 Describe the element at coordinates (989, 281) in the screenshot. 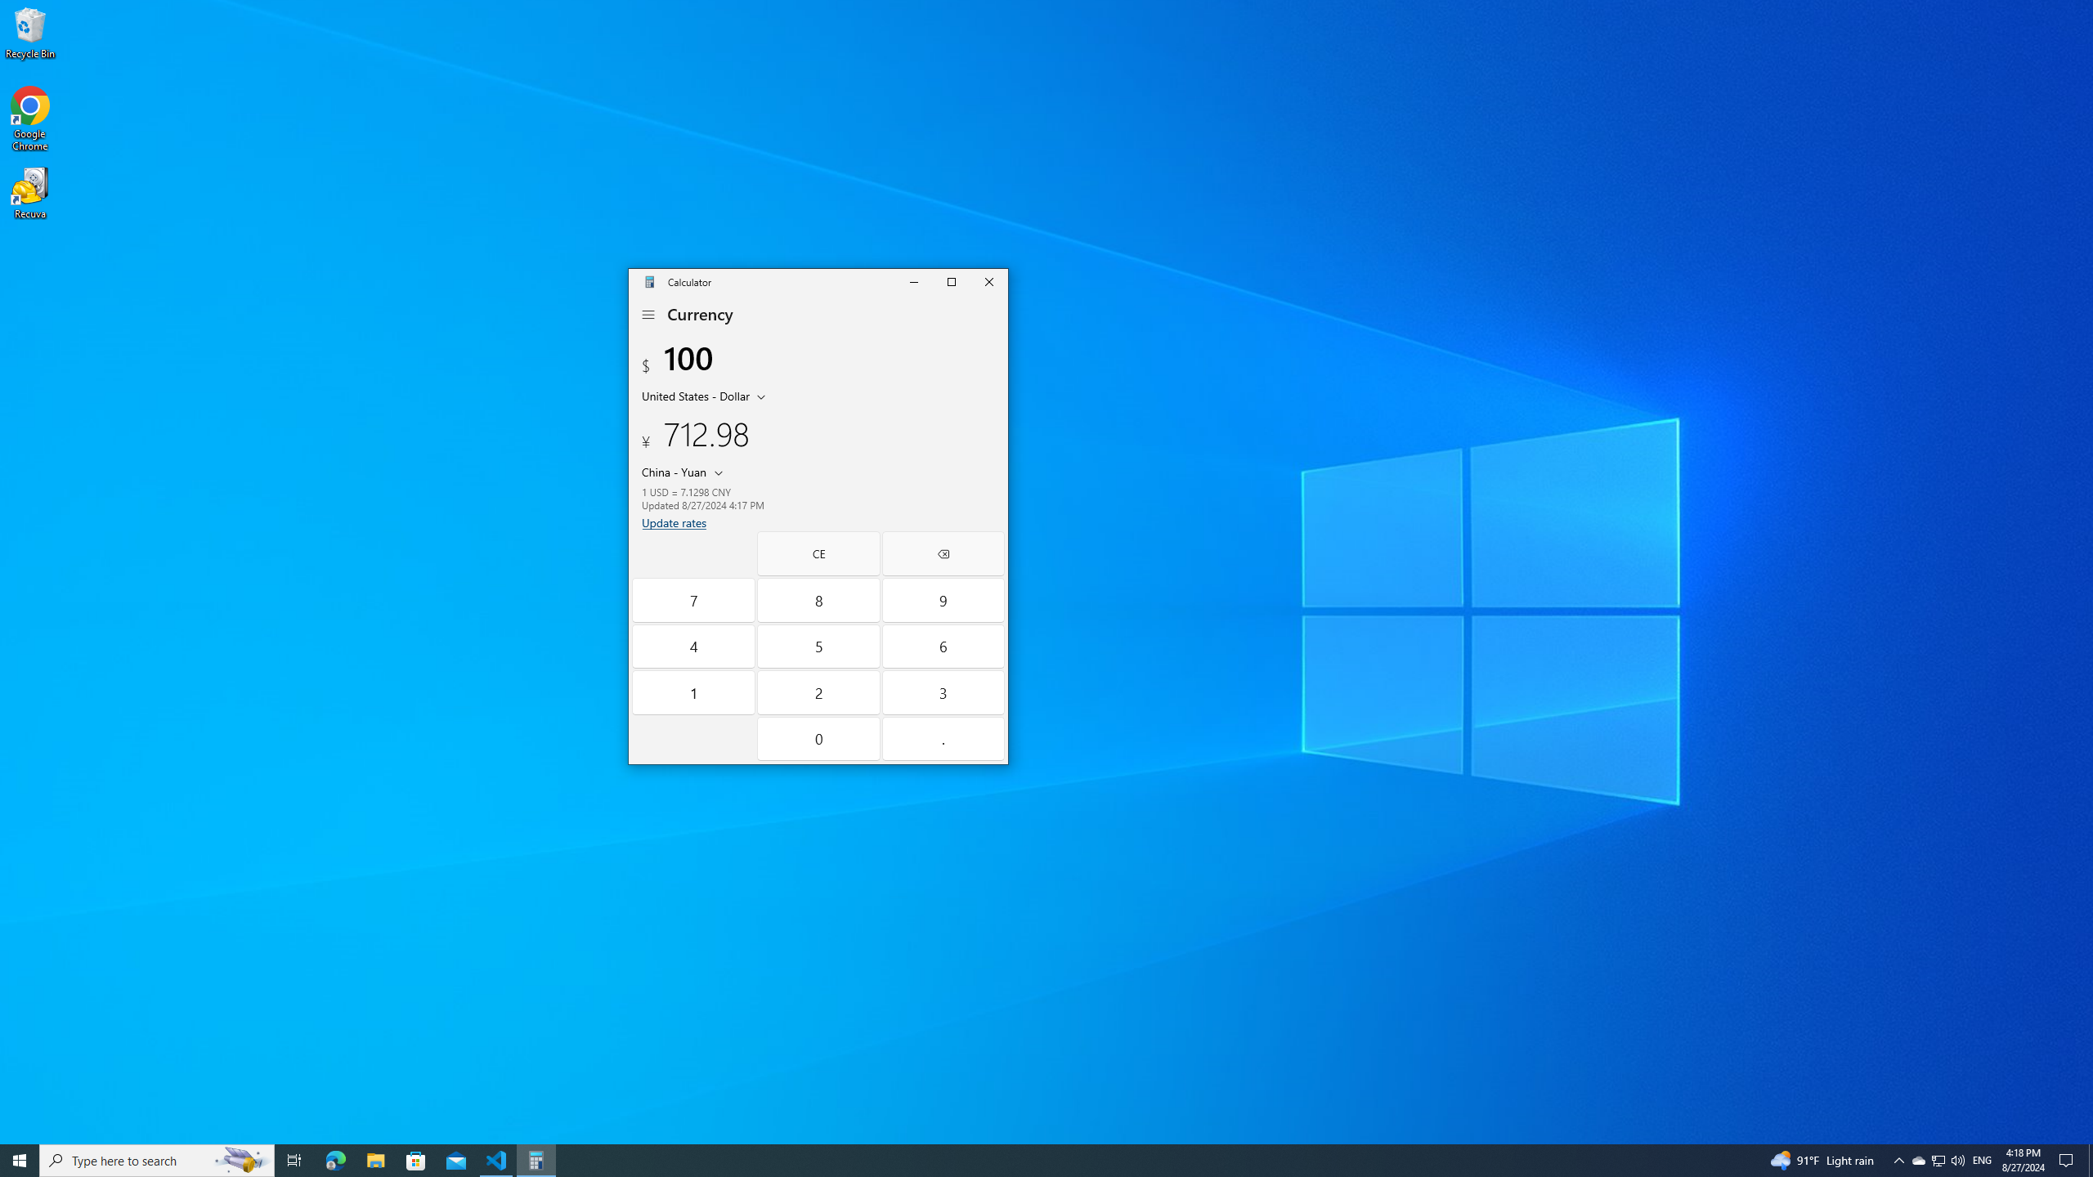

I see `'Close Calculator'` at that location.